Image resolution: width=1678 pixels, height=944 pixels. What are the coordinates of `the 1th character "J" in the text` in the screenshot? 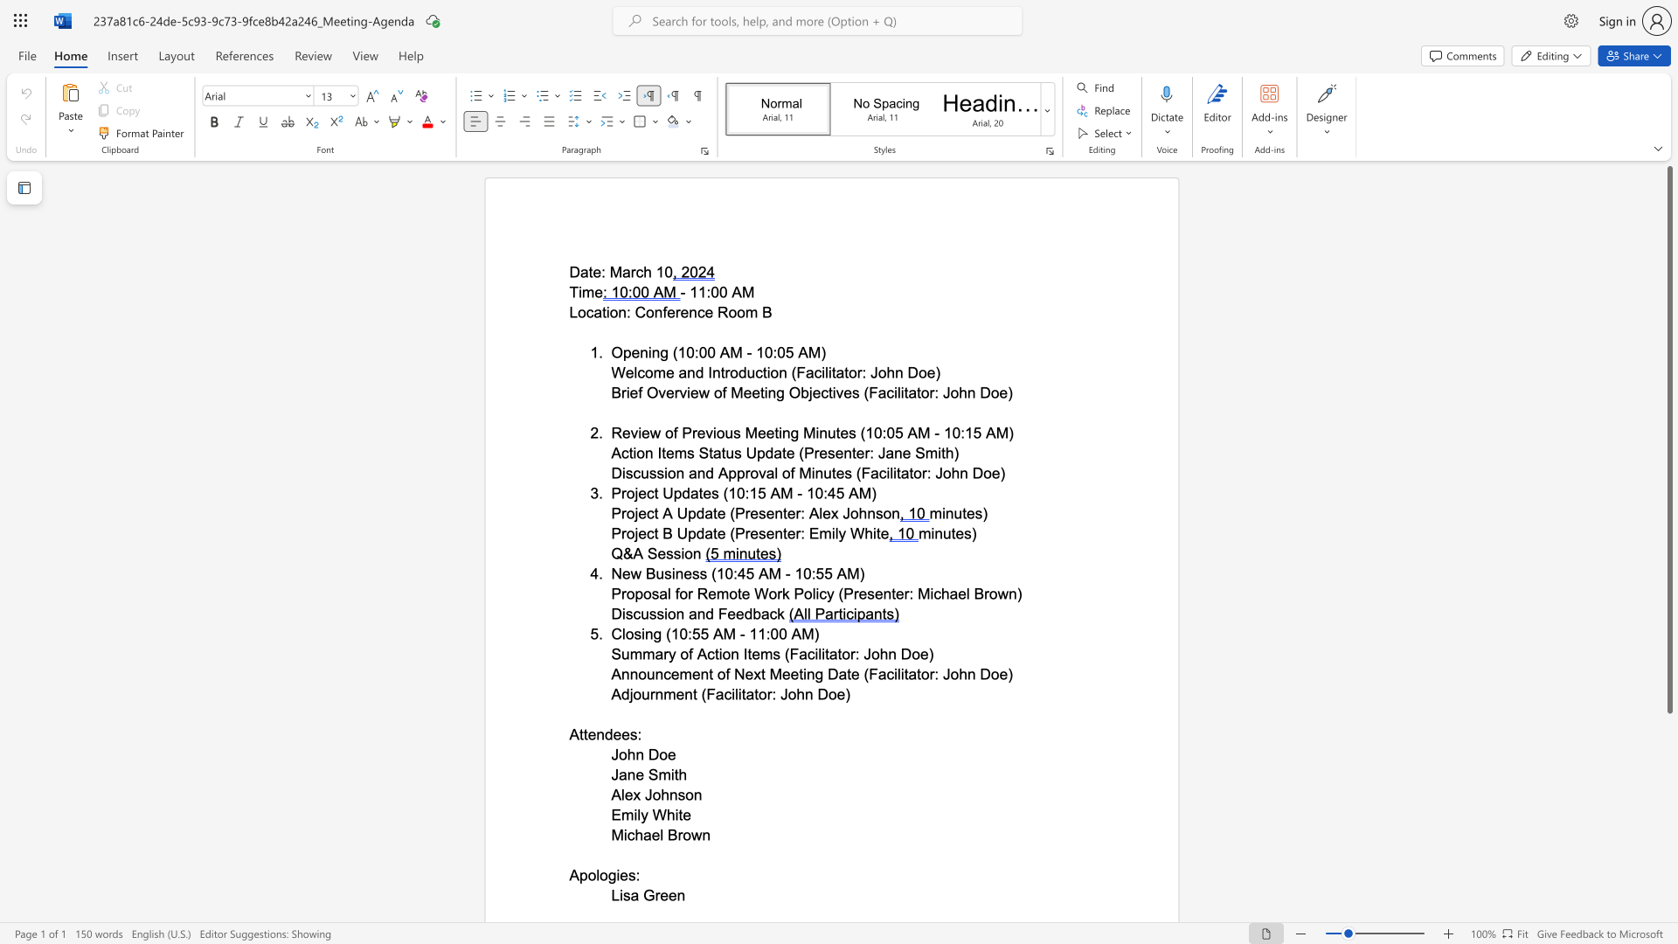 It's located at (614, 774).